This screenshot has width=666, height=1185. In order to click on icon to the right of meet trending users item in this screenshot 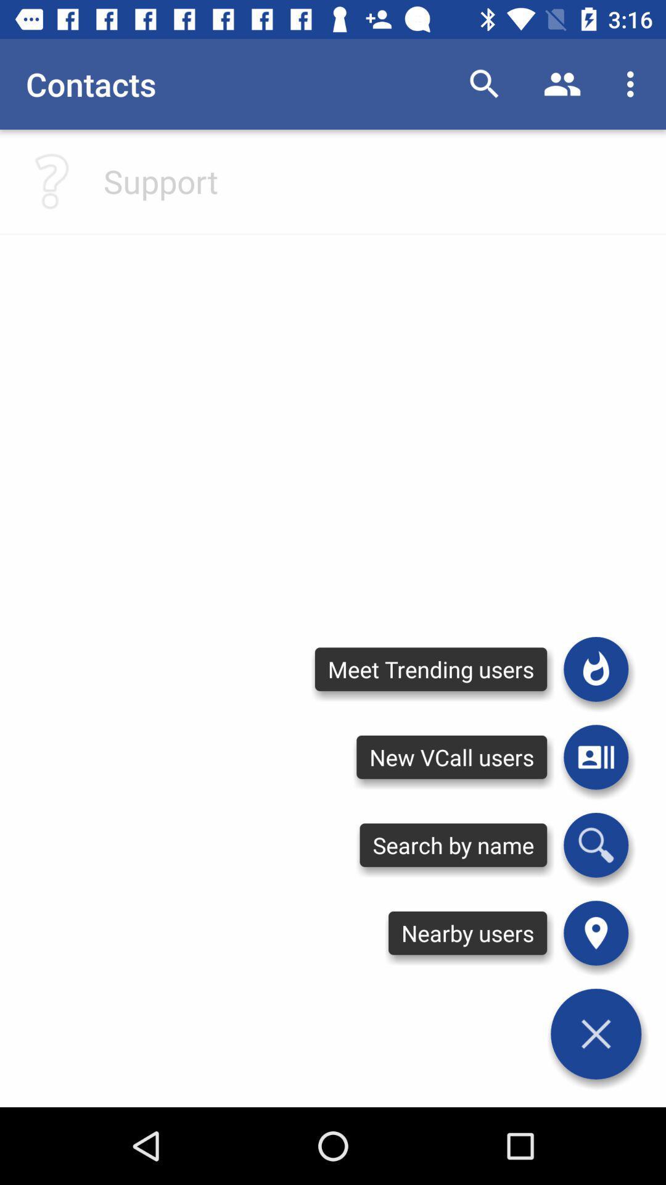, I will do `click(595, 668)`.